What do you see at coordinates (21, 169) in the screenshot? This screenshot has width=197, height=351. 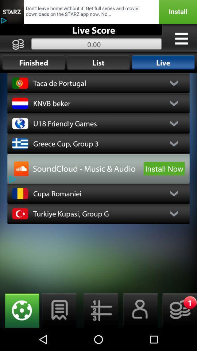 I see `sound` at bounding box center [21, 169].